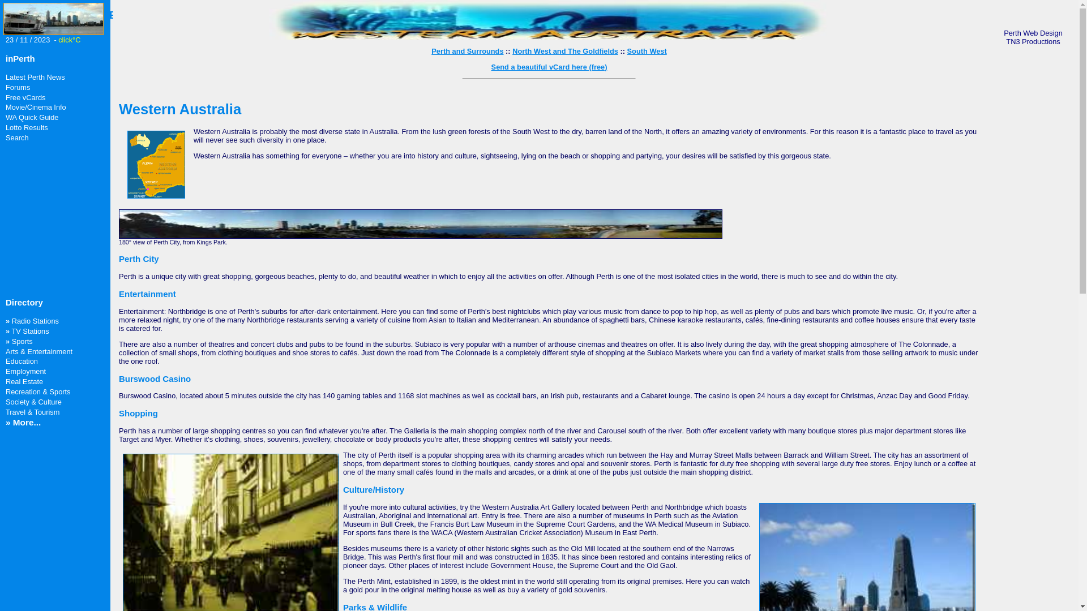 This screenshot has height=611, width=1087. What do you see at coordinates (32, 412) in the screenshot?
I see `'Travel & Tourism'` at bounding box center [32, 412].